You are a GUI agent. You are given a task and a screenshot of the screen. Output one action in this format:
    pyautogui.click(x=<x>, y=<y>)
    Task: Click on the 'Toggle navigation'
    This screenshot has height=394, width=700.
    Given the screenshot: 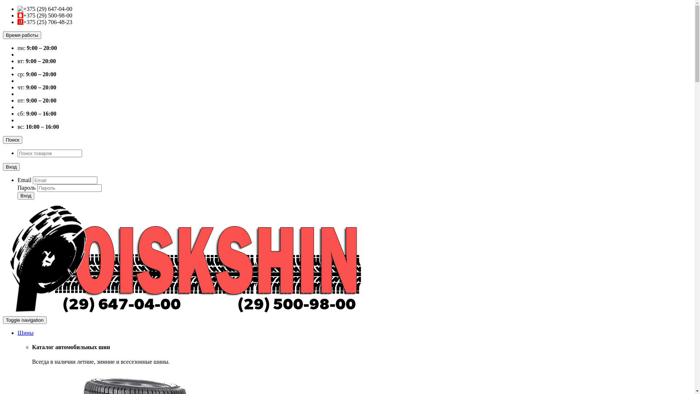 What is the action you would take?
    pyautogui.click(x=3, y=320)
    